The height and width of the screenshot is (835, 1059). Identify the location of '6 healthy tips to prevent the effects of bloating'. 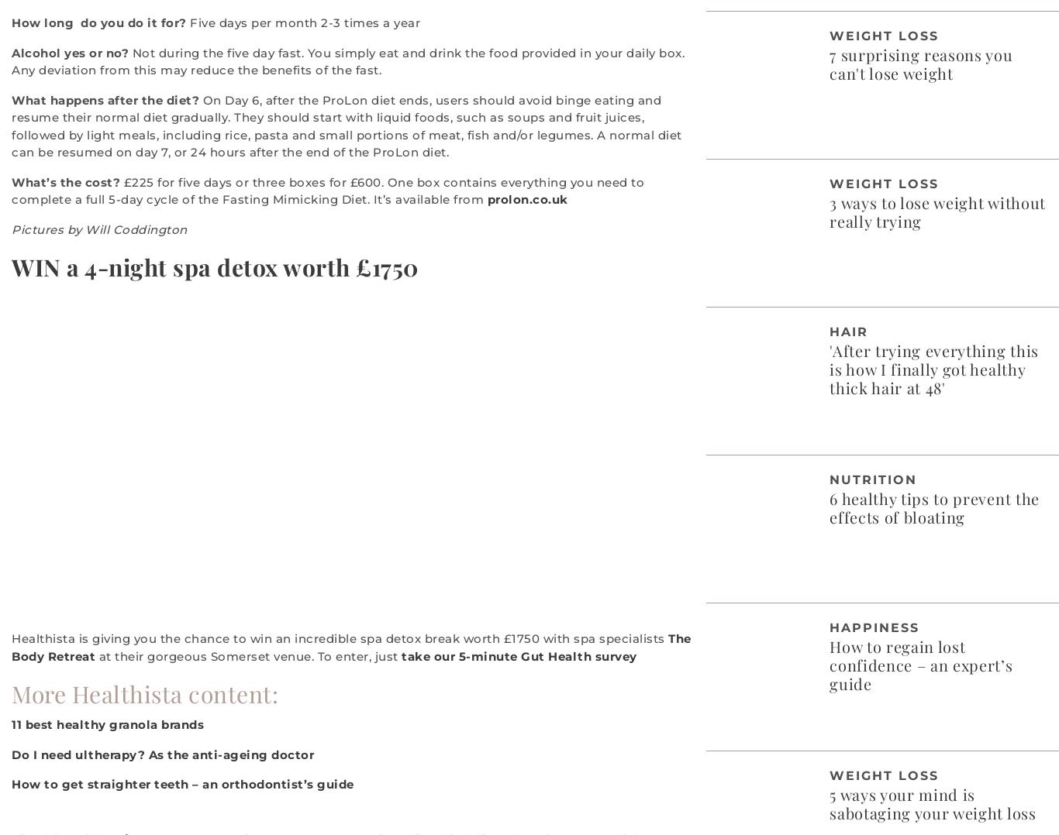
(933, 506).